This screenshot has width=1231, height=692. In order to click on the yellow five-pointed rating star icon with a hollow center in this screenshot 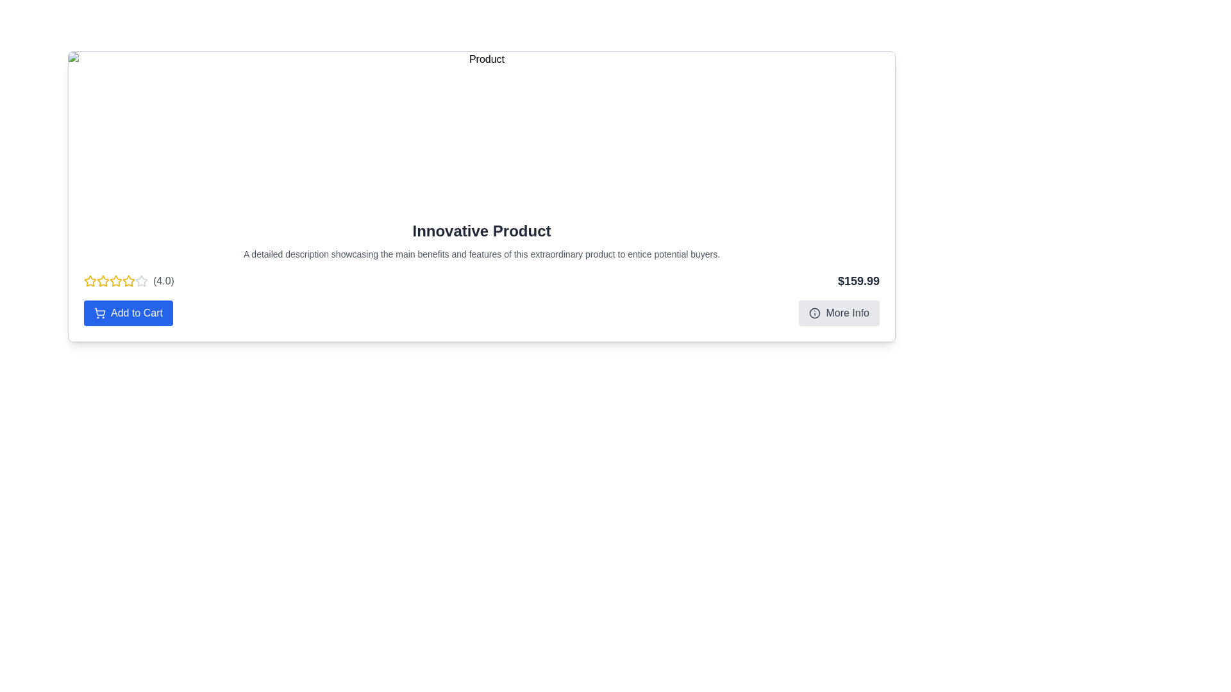, I will do `click(89, 280)`.